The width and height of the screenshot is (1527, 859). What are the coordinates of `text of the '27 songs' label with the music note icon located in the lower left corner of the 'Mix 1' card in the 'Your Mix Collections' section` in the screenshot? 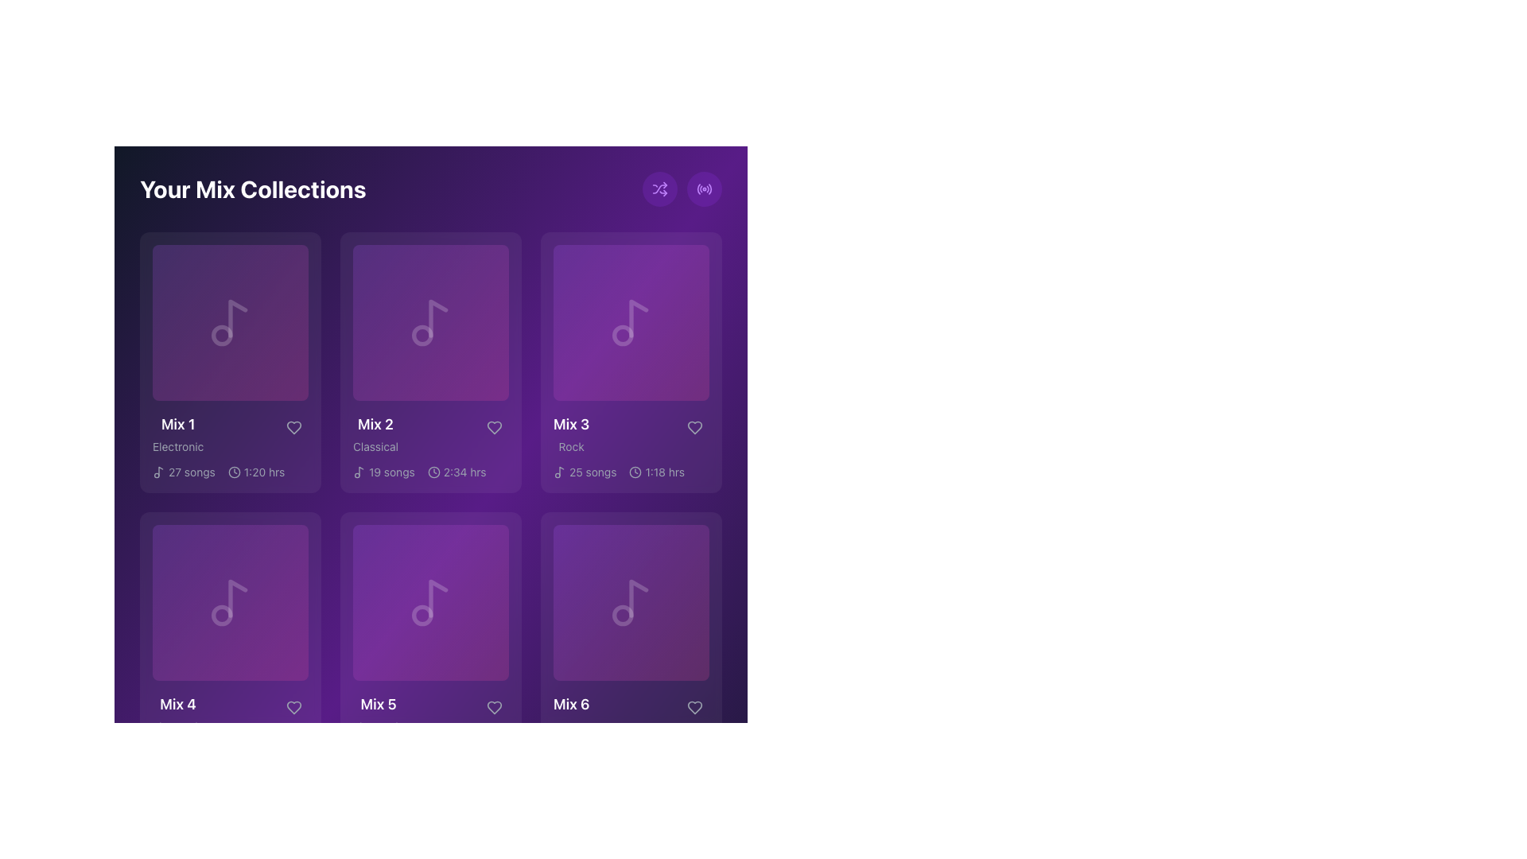 It's located at (184, 472).